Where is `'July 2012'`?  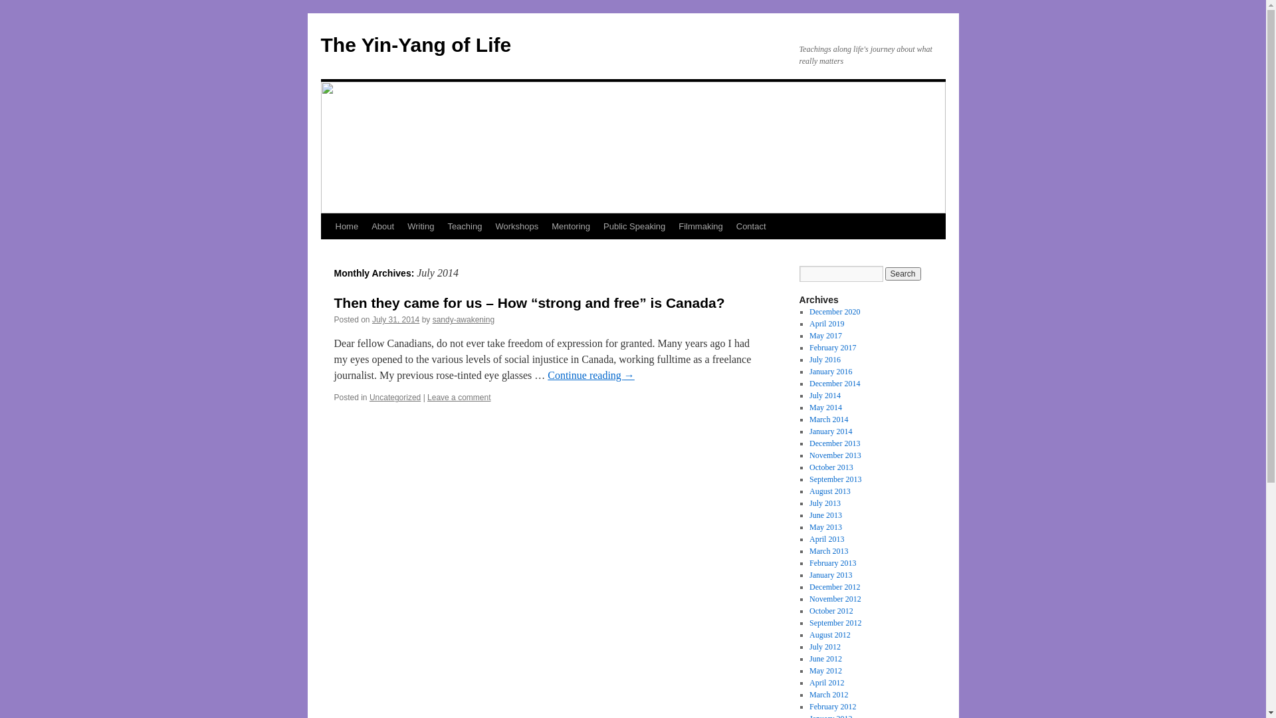 'July 2012' is located at coordinates (824, 646).